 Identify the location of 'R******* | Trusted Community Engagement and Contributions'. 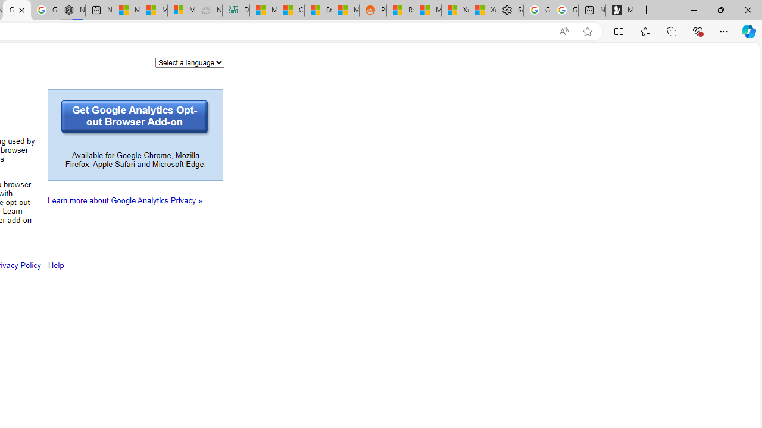
(400, 10).